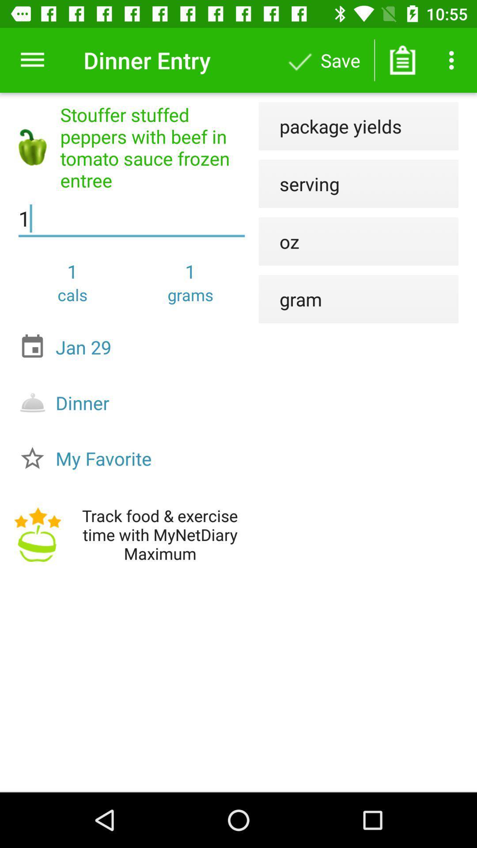 The height and width of the screenshot is (848, 477). Describe the element at coordinates (290, 299) in the screenshot. I see `icon below the   oz item` at that location.